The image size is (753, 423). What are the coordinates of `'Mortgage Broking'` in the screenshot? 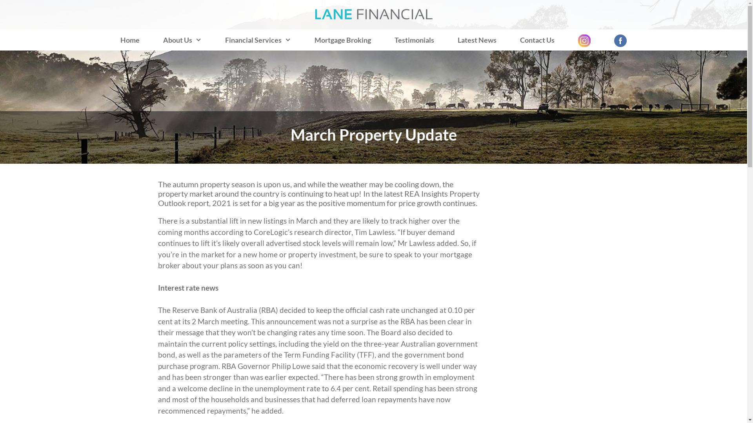 It's located at (302, 40).